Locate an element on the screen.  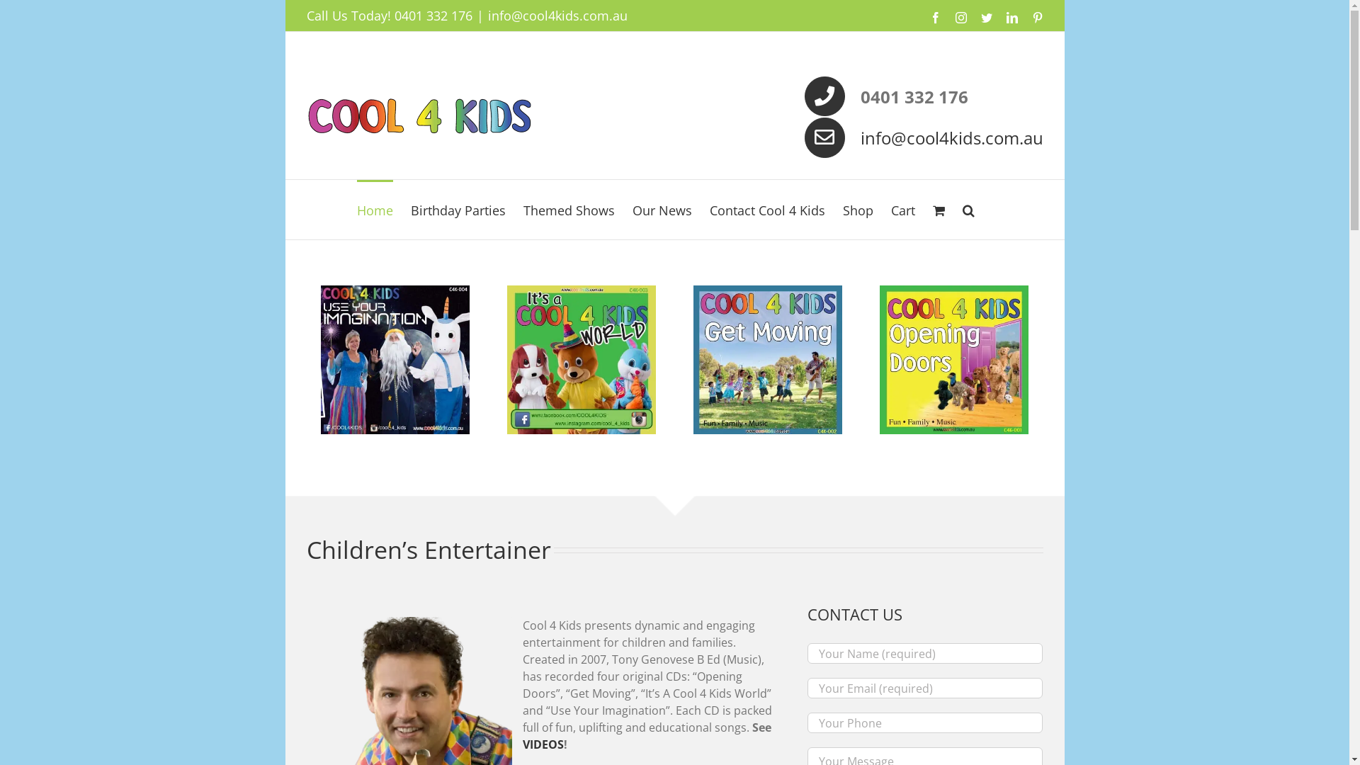
'LinkedIn' is located at coordinates (1011, 17).